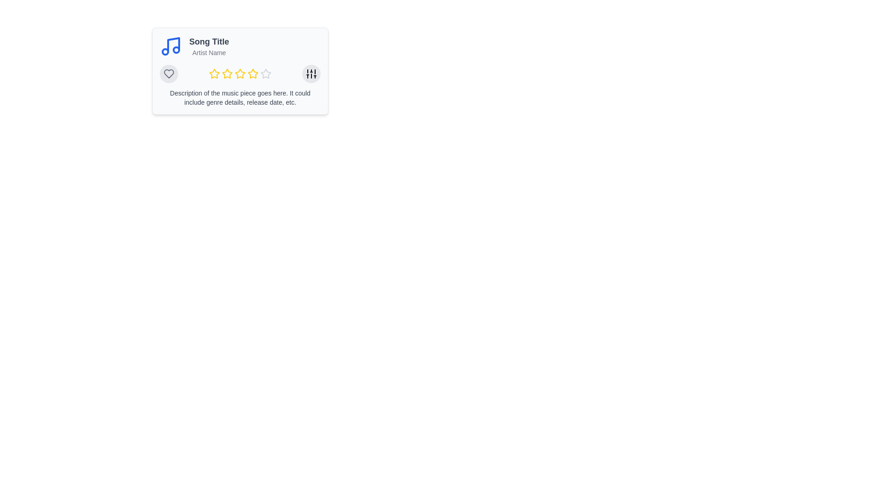  Describe the element at coordinates (311, 73) in the screenshot. I see `the settings button located within the music card layout, positioned to the far right adjacent to the star rating elements` at that location.